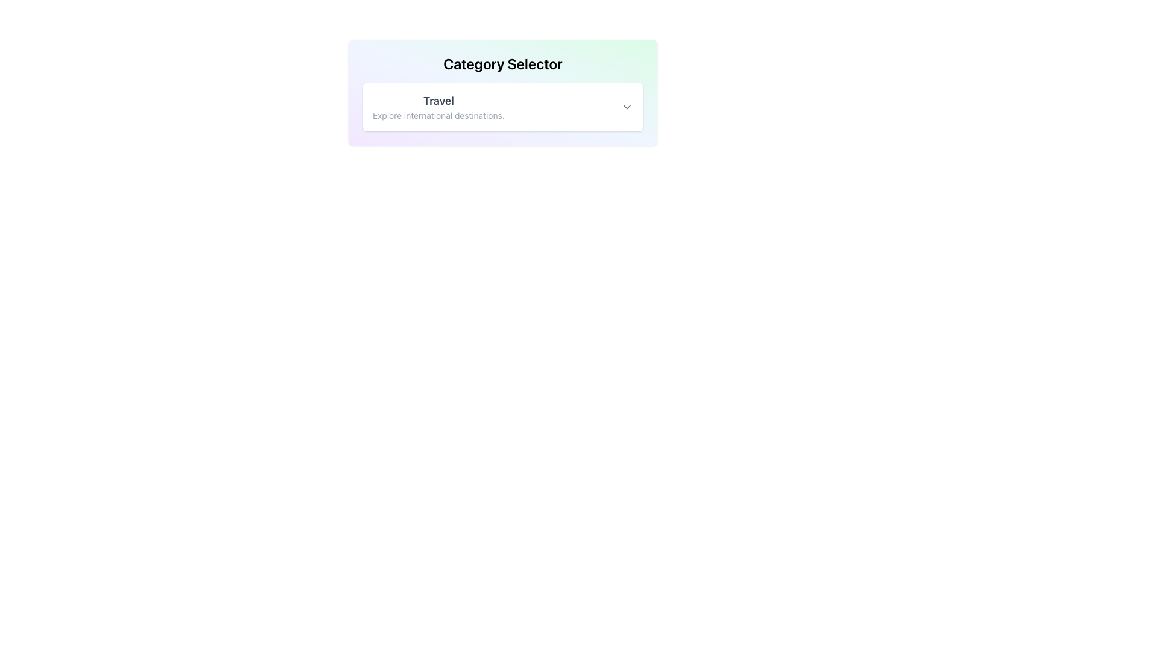 This screenshot has width=1158, height=651. What do you see at coordinates (438, 116) in the screenshot?
I see `the non-interactive text label providing context for the 'Travel' category, located directly below the 'Travel' title` at bounding box center [438, 116].